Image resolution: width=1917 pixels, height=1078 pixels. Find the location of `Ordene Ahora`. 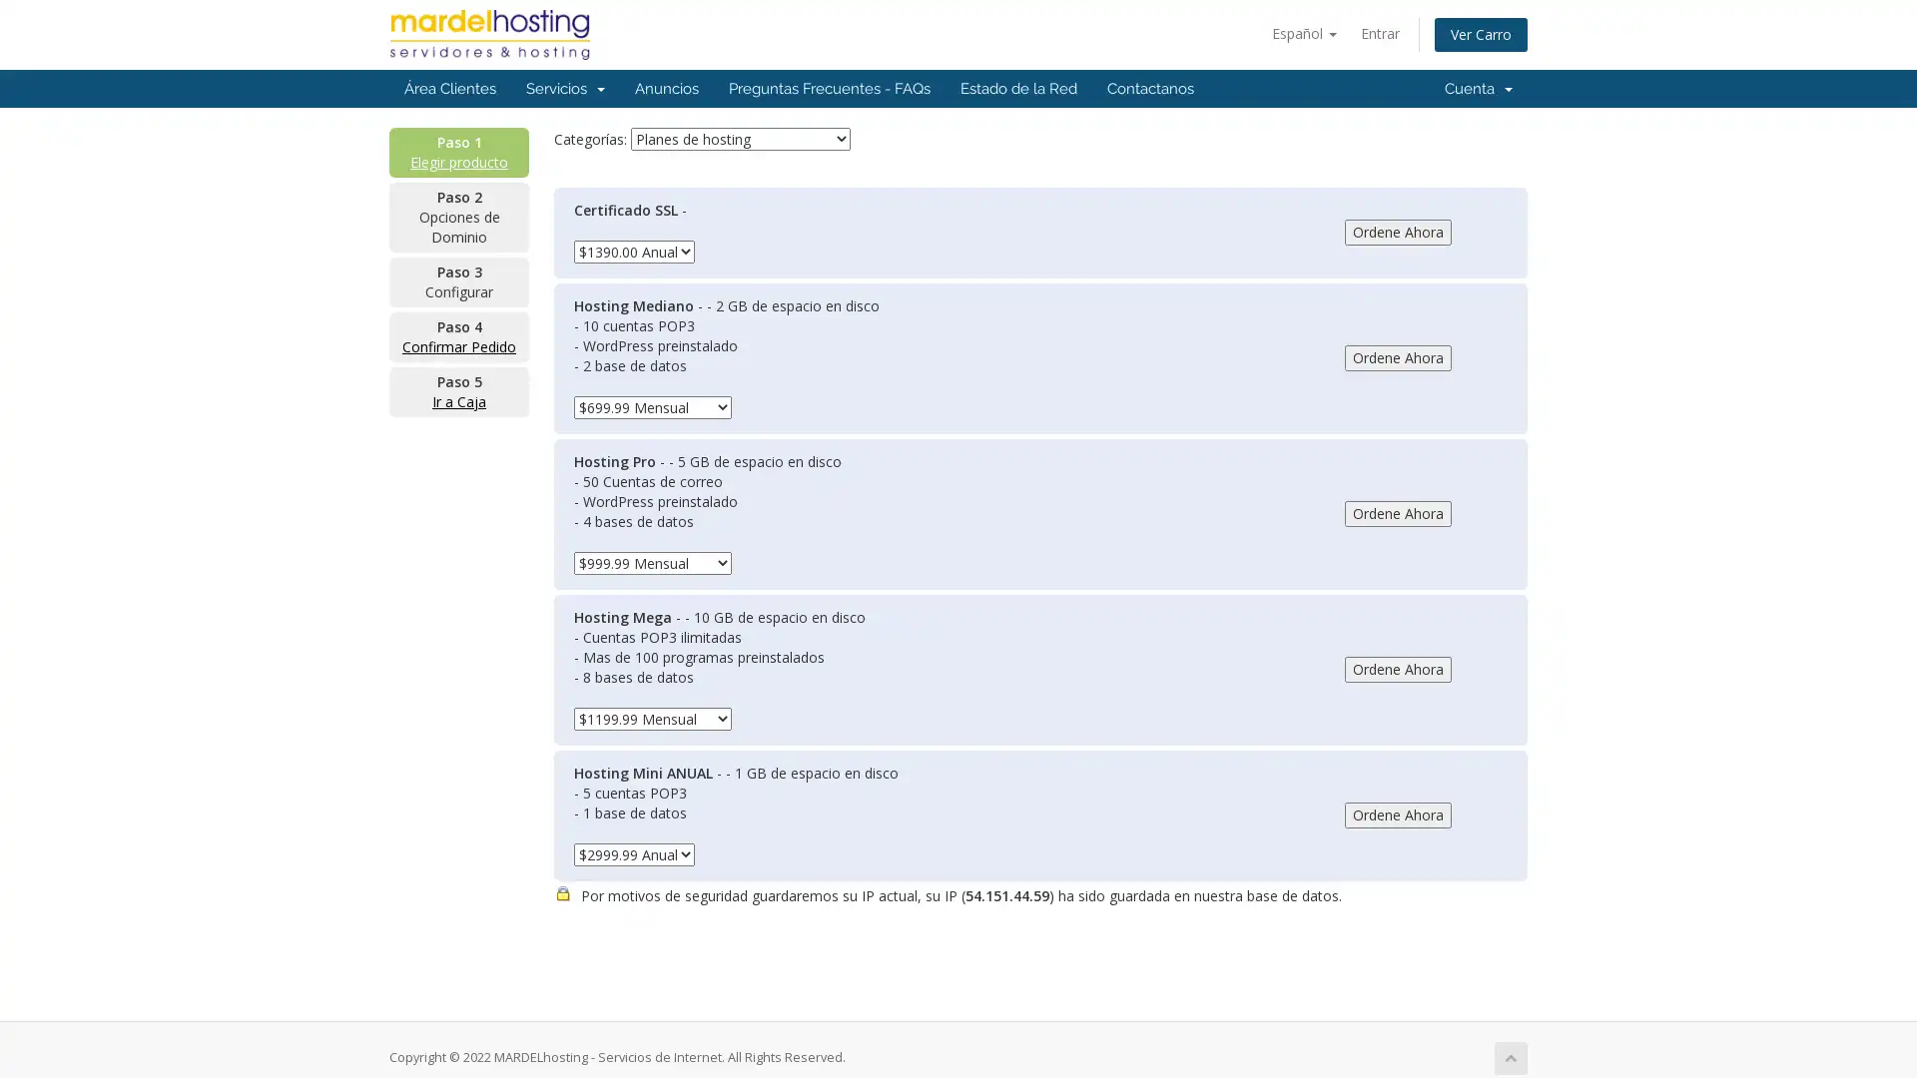

Ordene Ahora is located at coordinates (1397, 230).